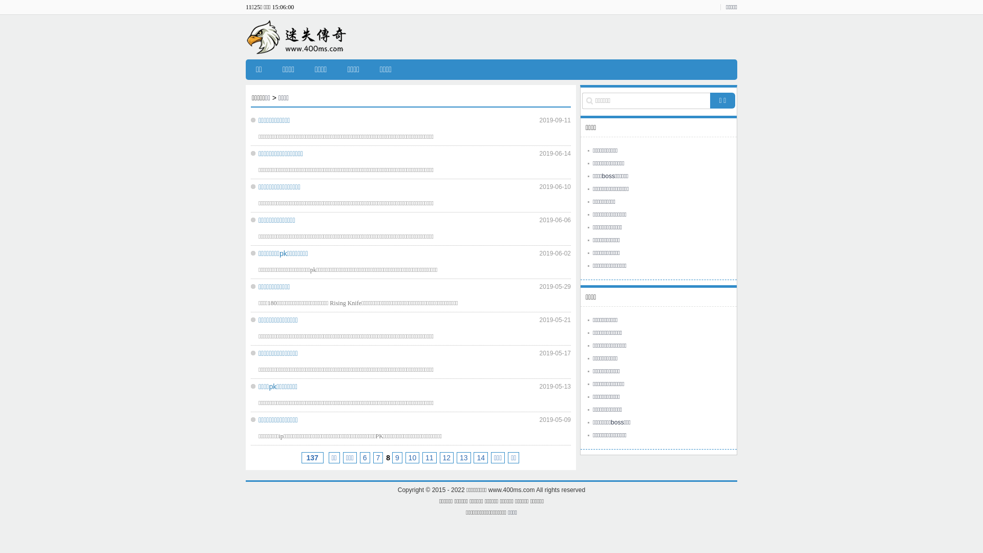 The height and width of the screenshot is (553, 983). What do you see at coordinates (312, 457) in the screenshot?
I see `' 137'` at bounding box center [312, 457].